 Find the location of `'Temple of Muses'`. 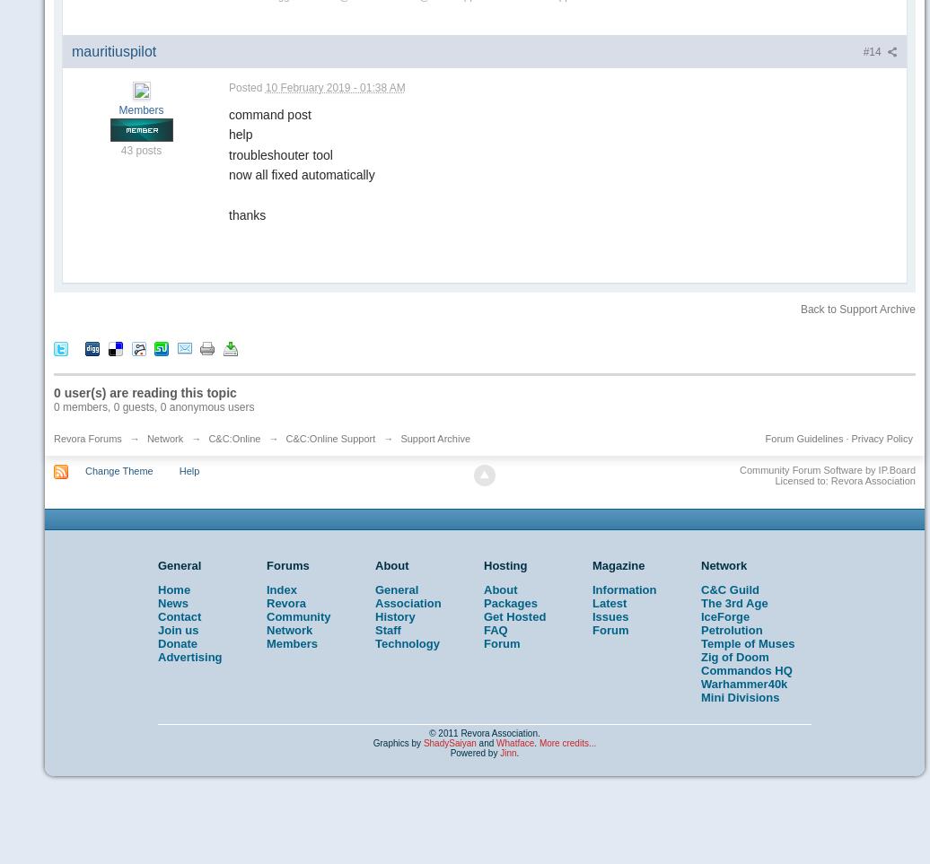

'Temple of Muses' is located at coordinates (748, 642).